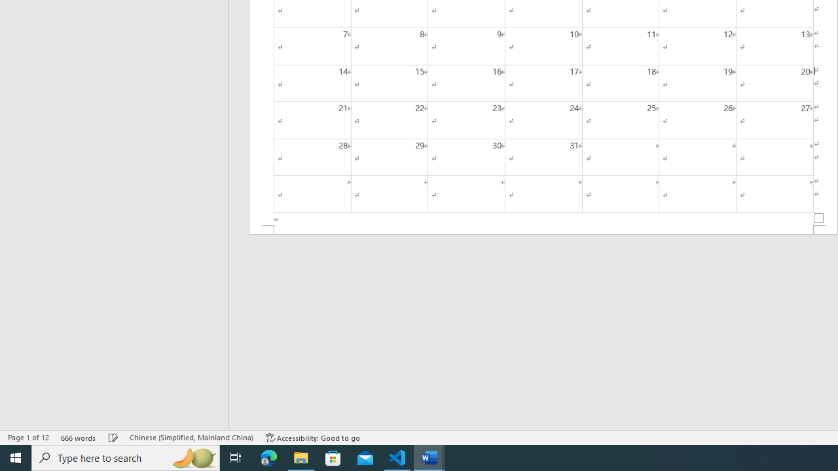 The width and height of the screenshot is (838, 471). What do you see at coordinates (191, 438) in the screenshot?
I see `'Language Chinese (Simplified, Mainland China)'` at bounding box center [191, 438].